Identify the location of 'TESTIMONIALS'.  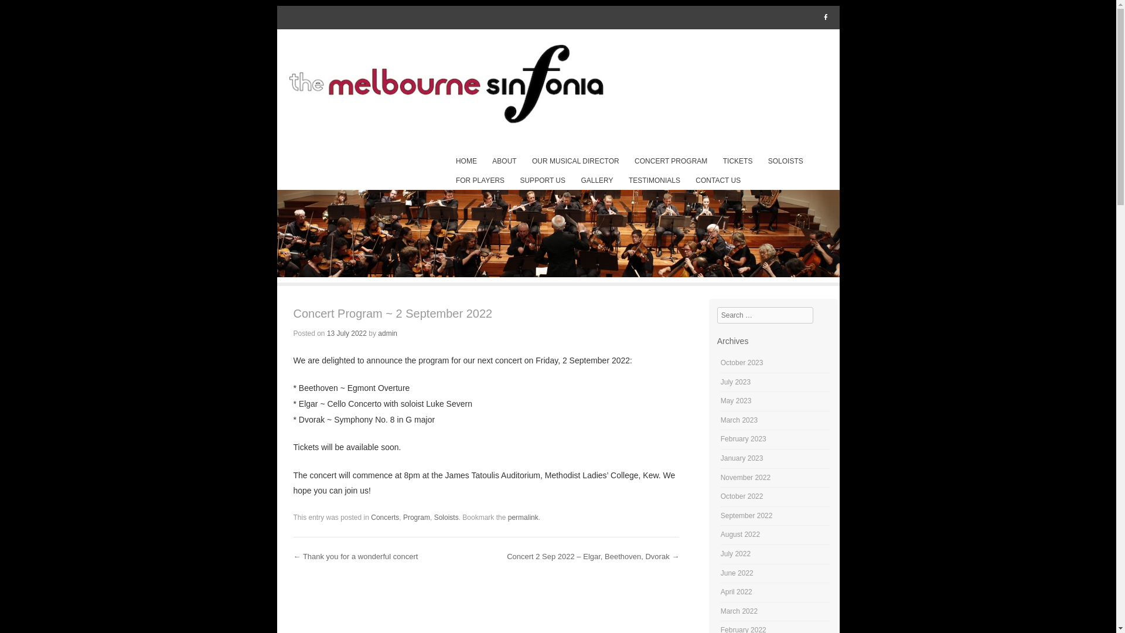
(653, 181).